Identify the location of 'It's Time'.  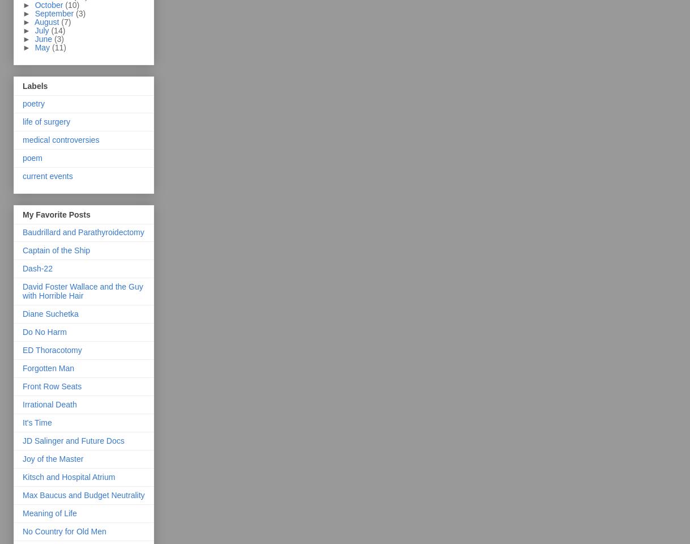
(36, 422).